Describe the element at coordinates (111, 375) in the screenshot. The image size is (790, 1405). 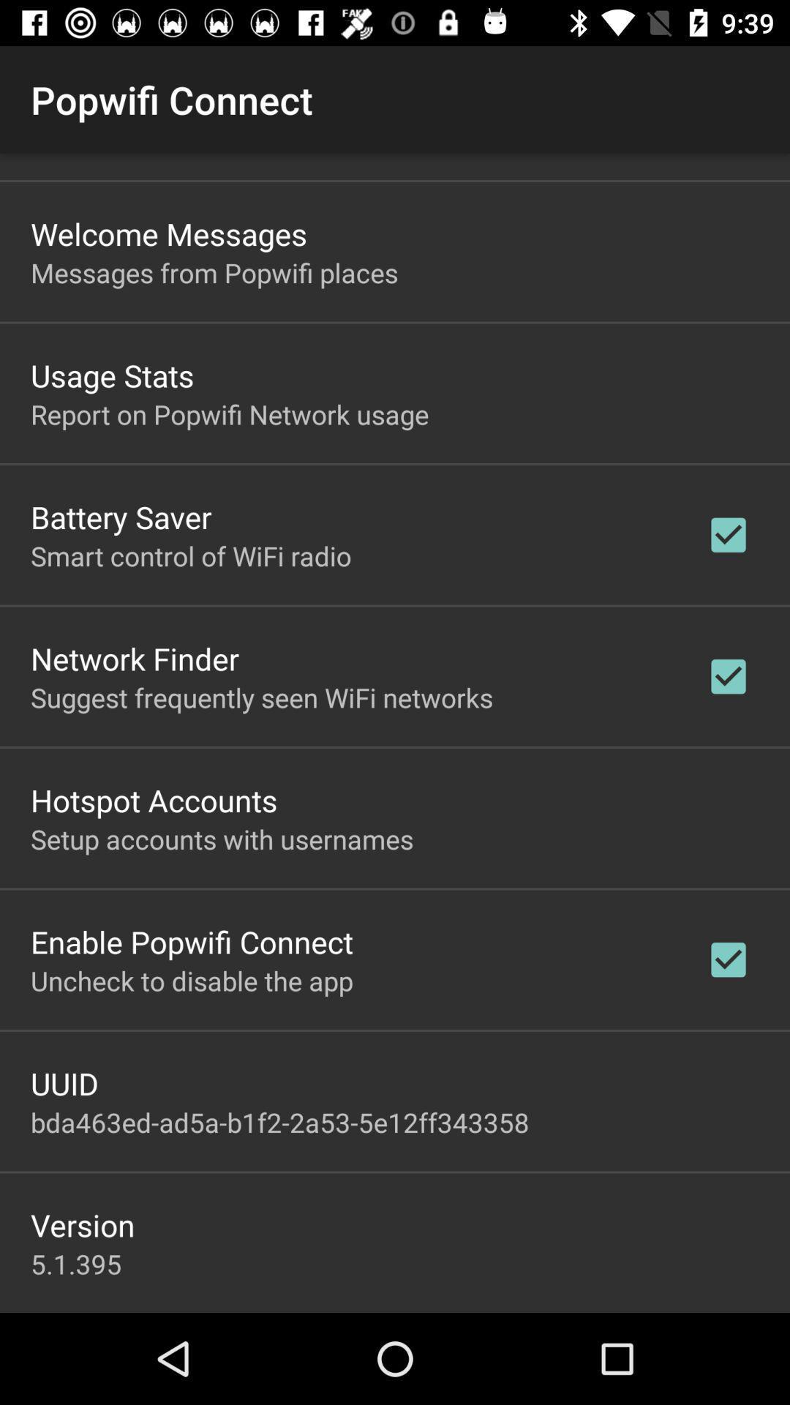
I see `the usage stats item` at that location.